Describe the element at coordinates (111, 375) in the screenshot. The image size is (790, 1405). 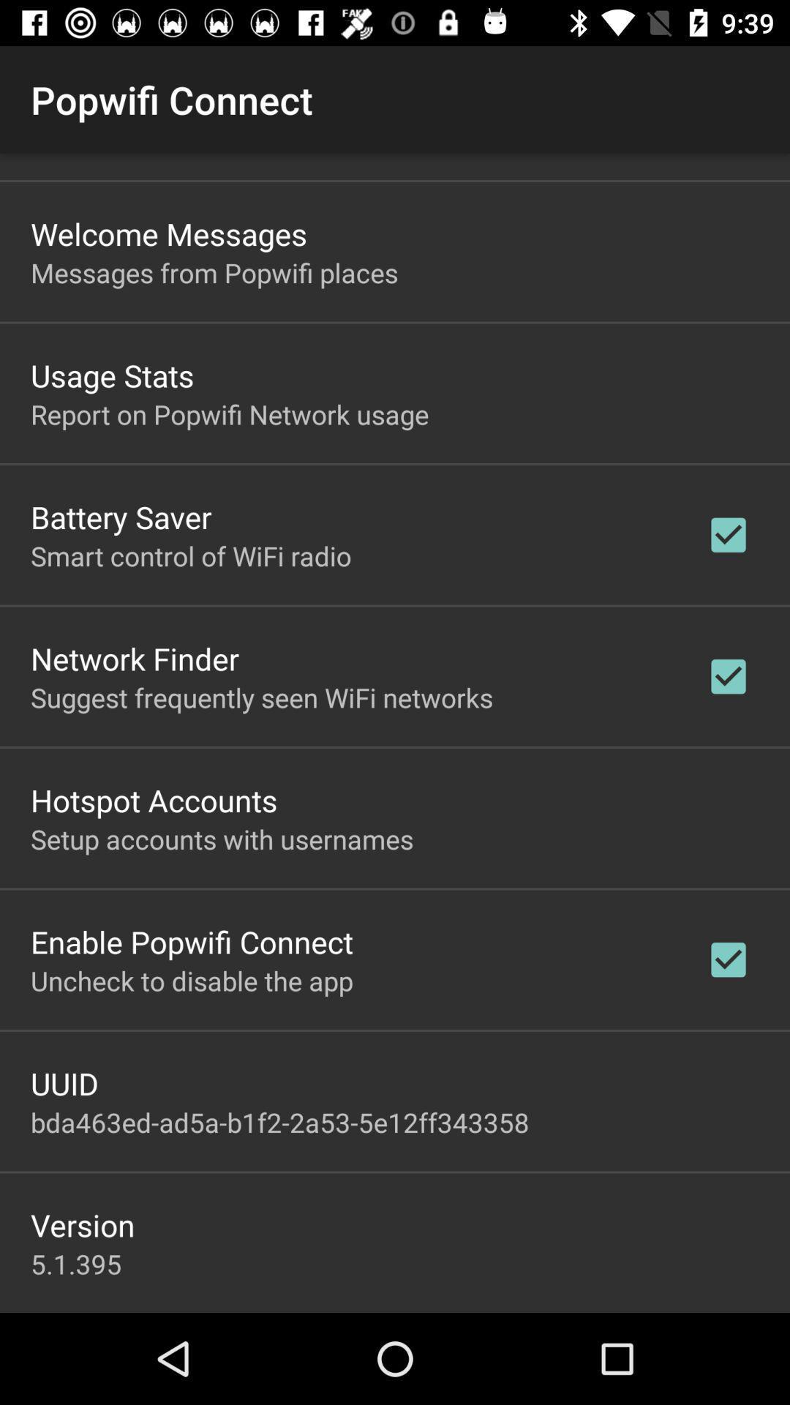
I see `the usage stats item` at that location.